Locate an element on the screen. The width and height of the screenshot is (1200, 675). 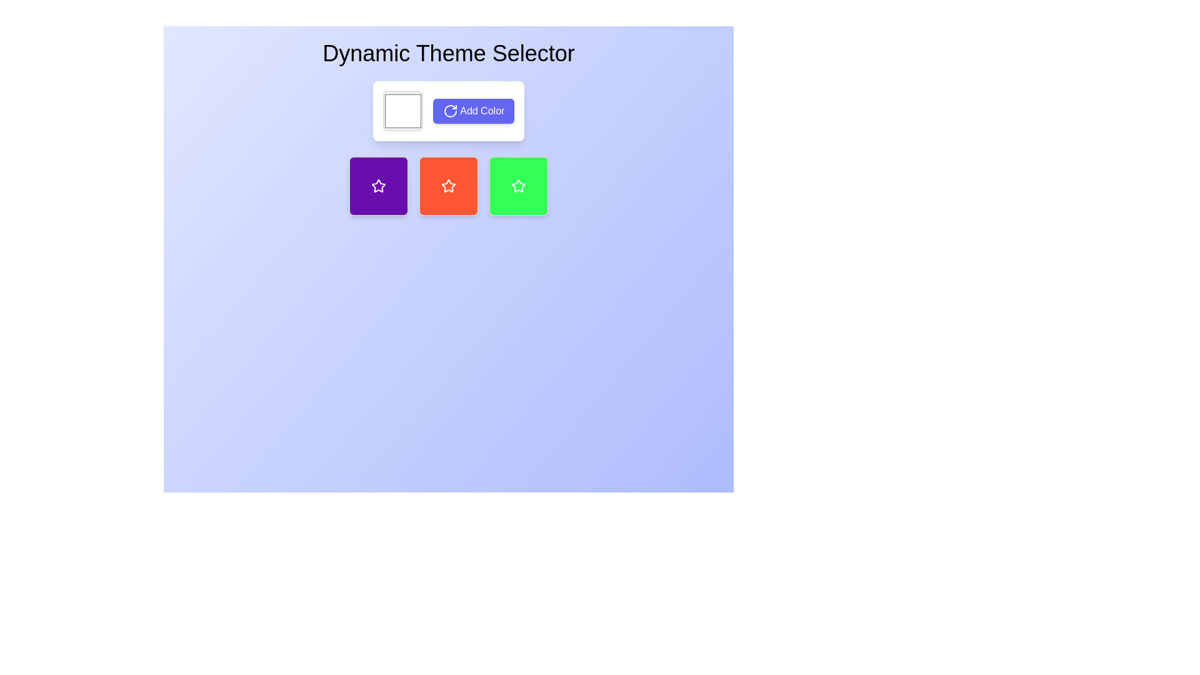
the white star icon located in the vibrant green square box on the far right of the row beneath the 'Dynamic Theme Selector' text is located at coordinates (519, 186).